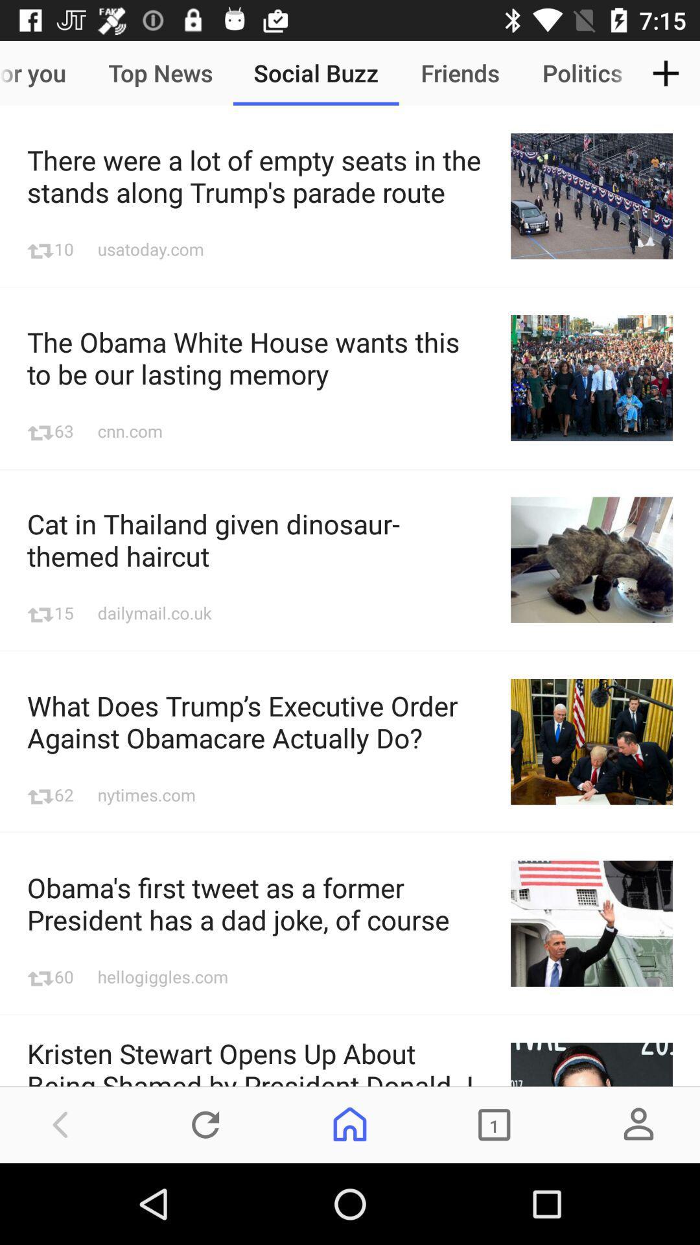  What do you see at coordinates (592, 1064) in the screenshot?
I see `no tagging` at bounding box center [592, 1064].